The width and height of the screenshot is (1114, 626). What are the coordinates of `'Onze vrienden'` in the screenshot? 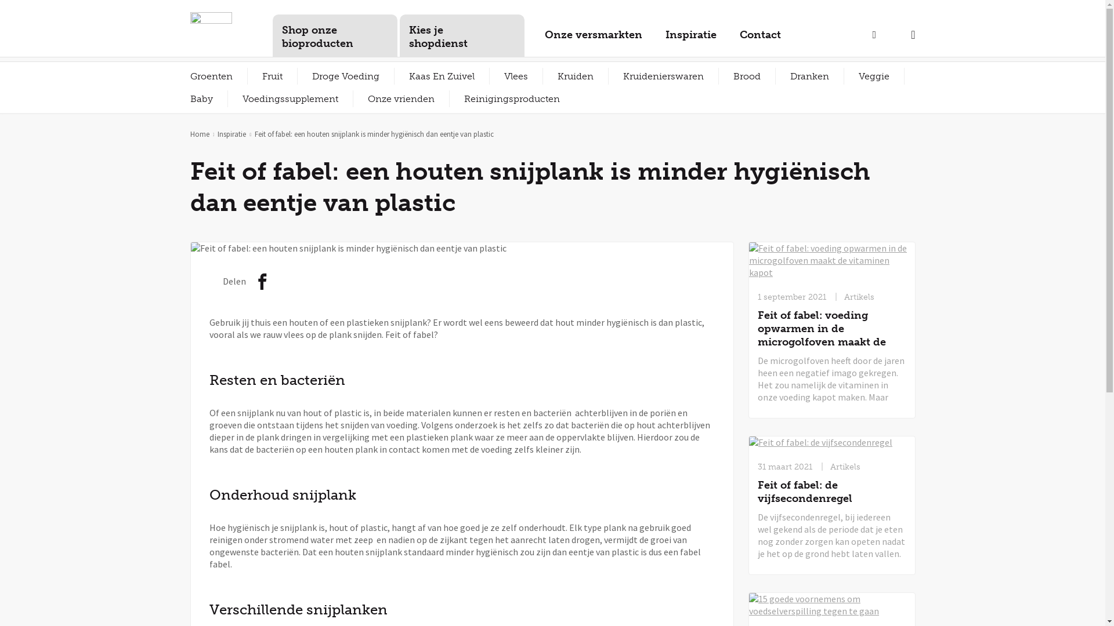 It's located at (352, 98).